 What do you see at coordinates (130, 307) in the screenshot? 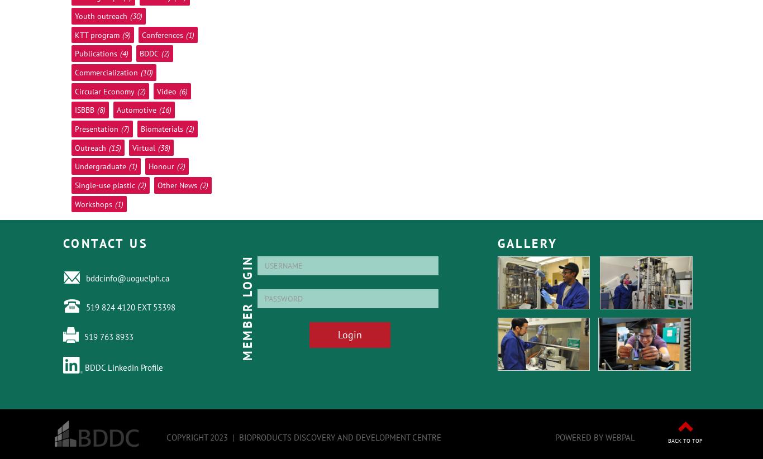
I see `'519 824 4120 EXT 53398'` at bounding box center [130, 307].